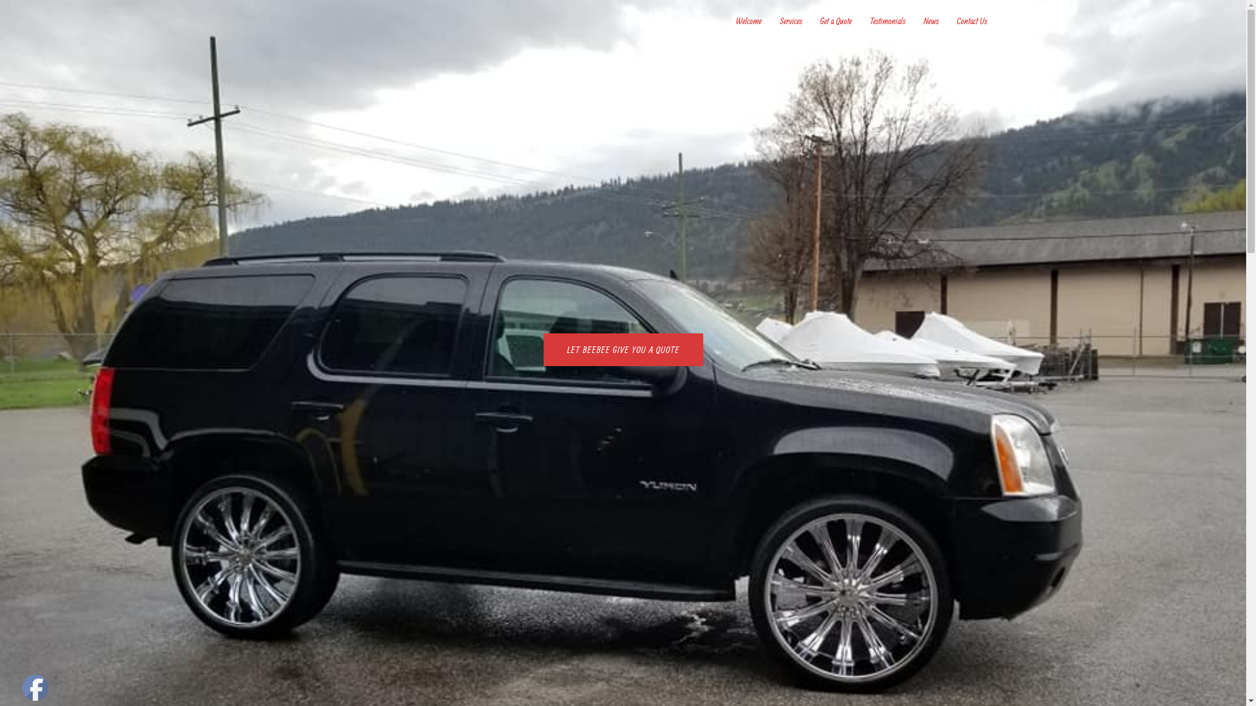  I want to click on 'Contact Us', so click(971, 22).